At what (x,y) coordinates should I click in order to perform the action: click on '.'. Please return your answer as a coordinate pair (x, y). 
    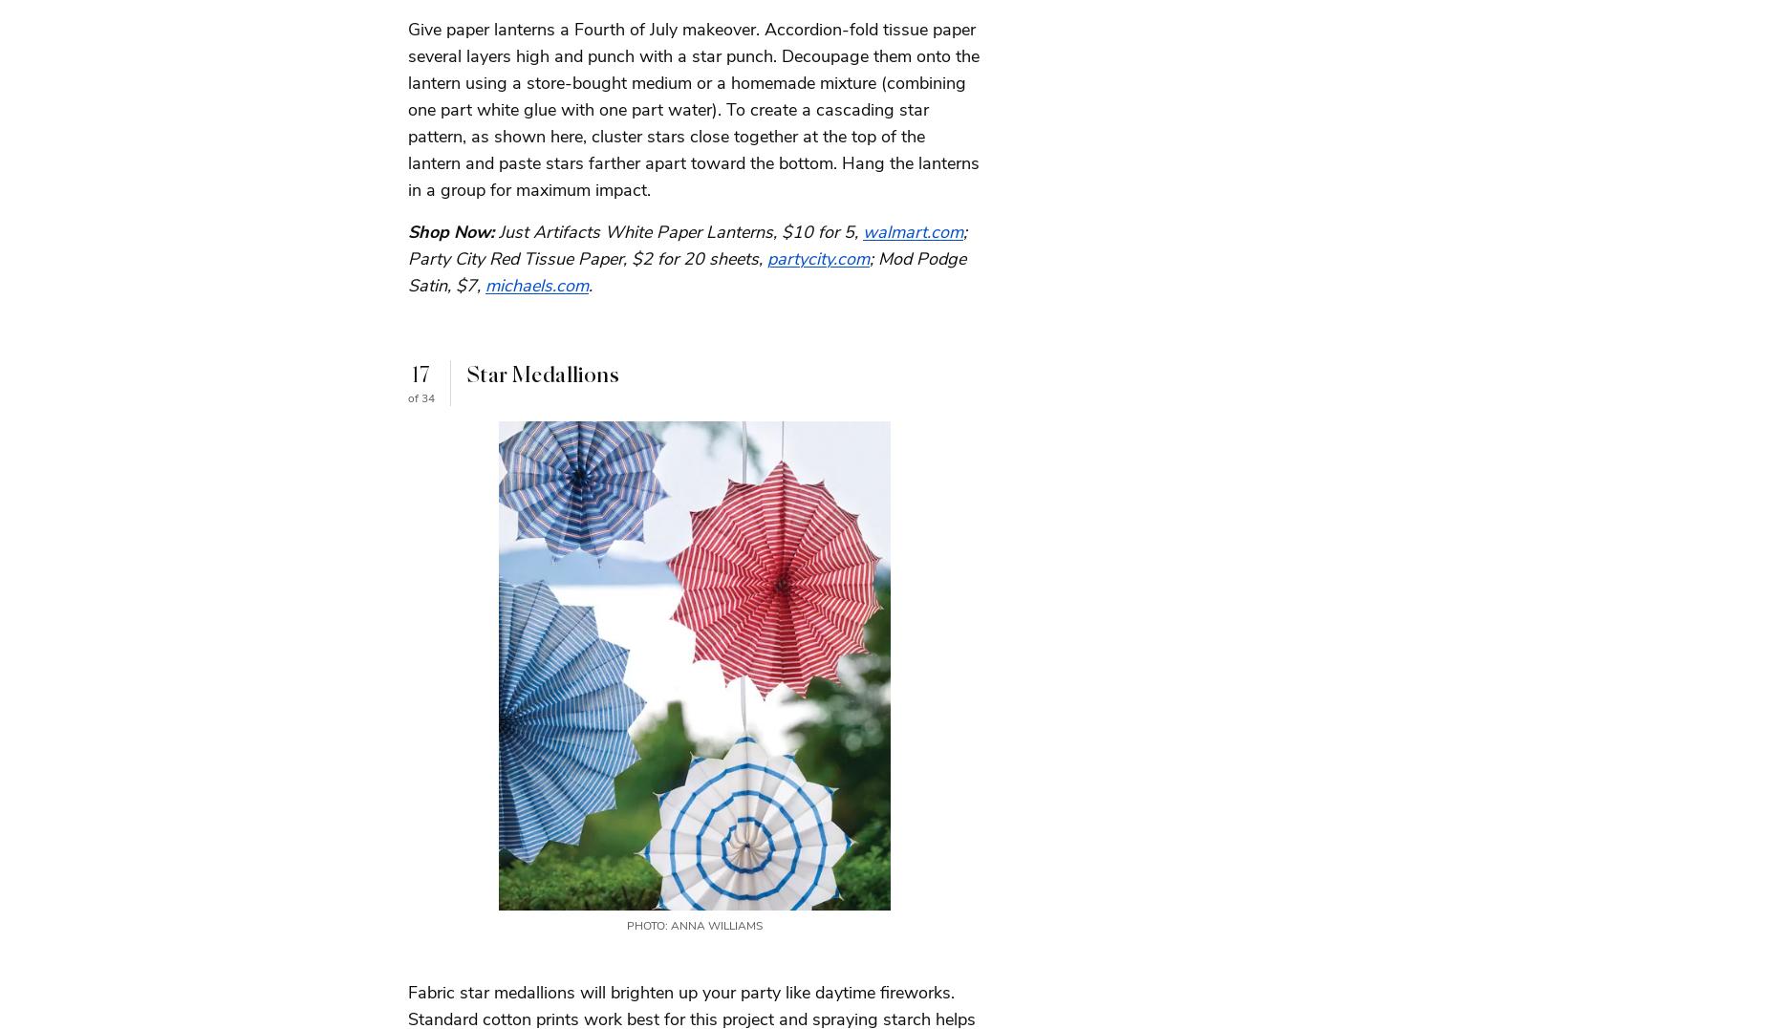
    Looking at the image, I should click on (591, 285).